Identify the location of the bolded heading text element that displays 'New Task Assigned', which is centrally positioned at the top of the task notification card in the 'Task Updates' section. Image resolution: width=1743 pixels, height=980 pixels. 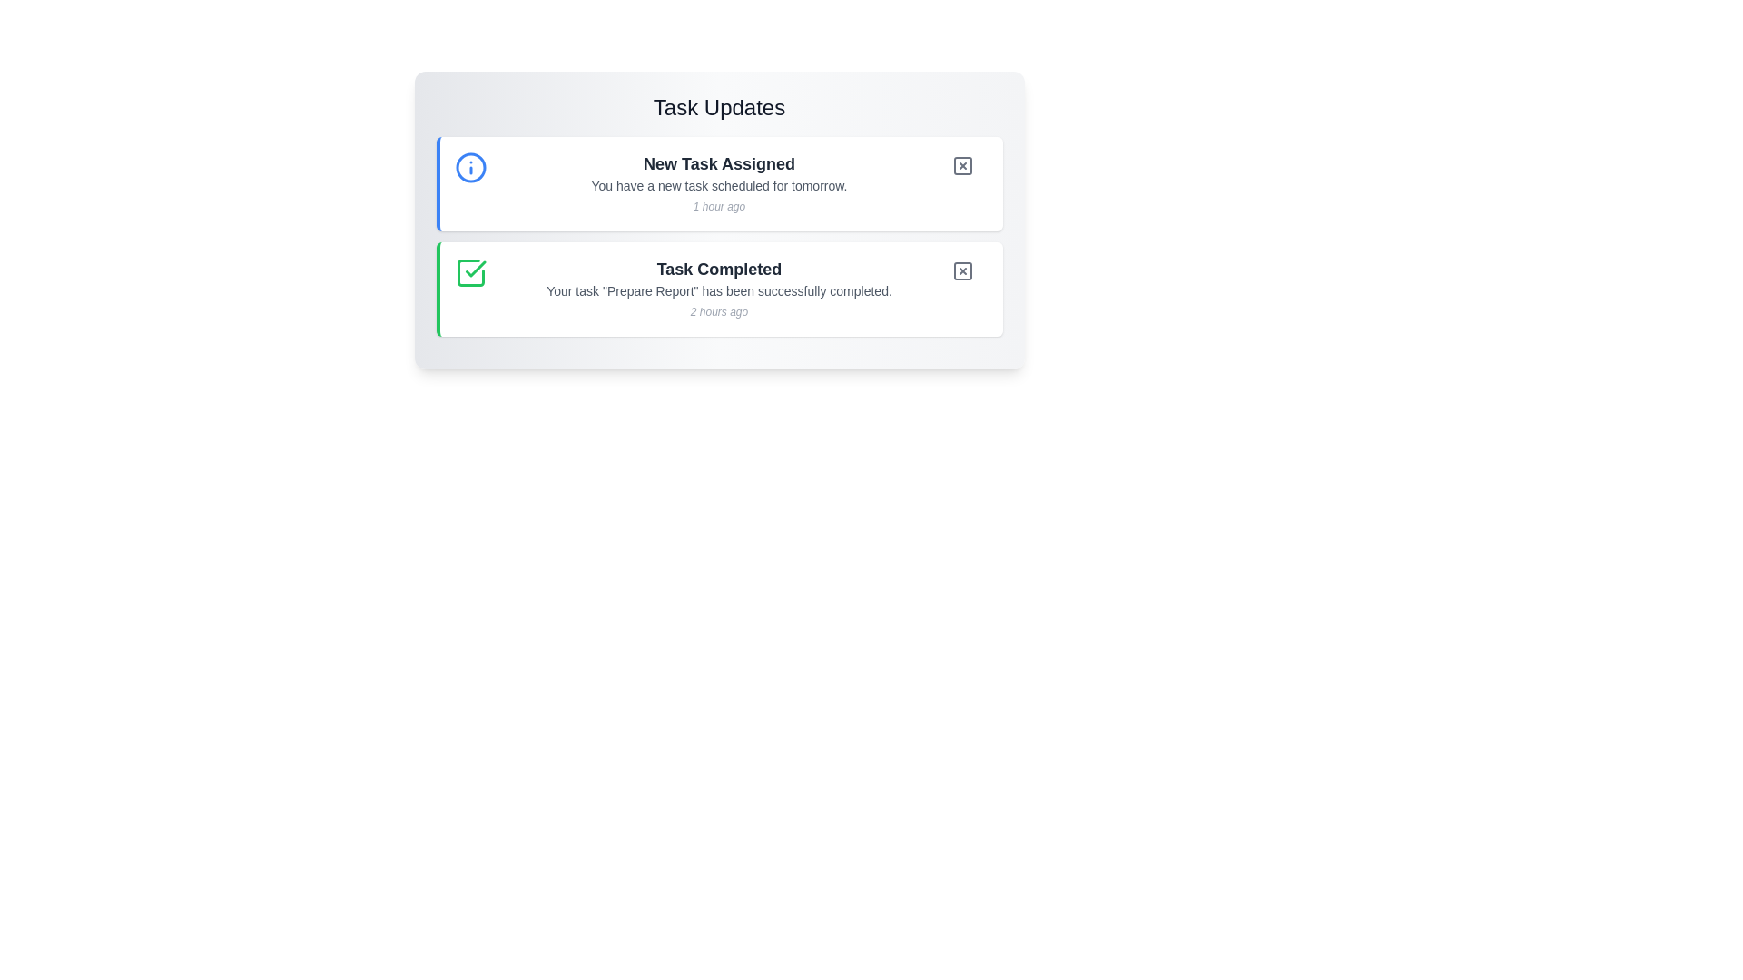
(718, 164).